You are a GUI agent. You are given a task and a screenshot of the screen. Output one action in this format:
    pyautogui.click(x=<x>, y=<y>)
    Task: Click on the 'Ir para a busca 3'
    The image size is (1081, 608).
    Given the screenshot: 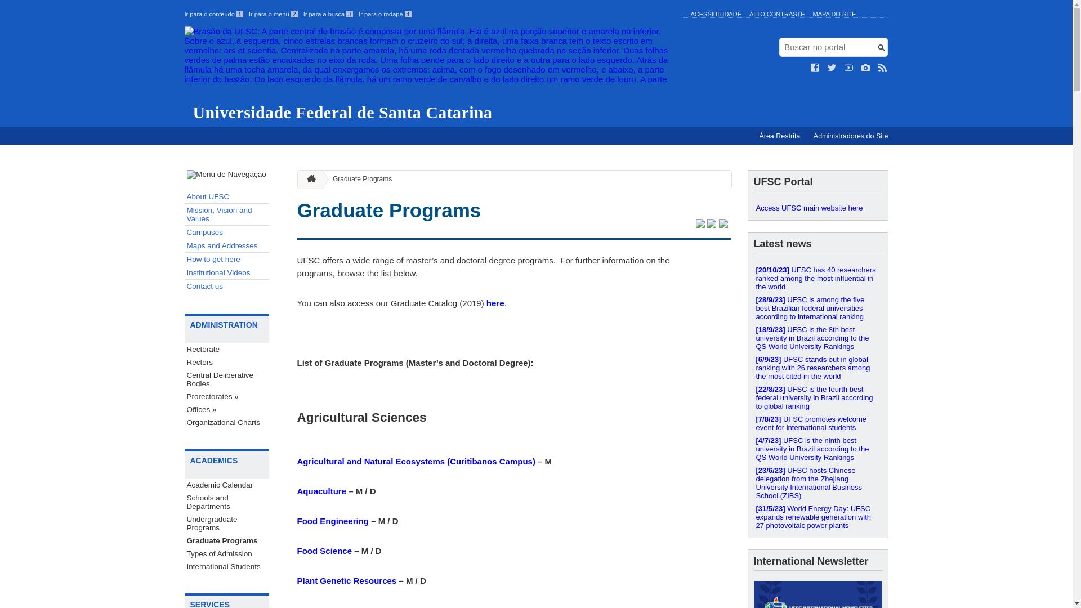 What is the action you would take?
    pyautogui.click(x=303, y=14)
    